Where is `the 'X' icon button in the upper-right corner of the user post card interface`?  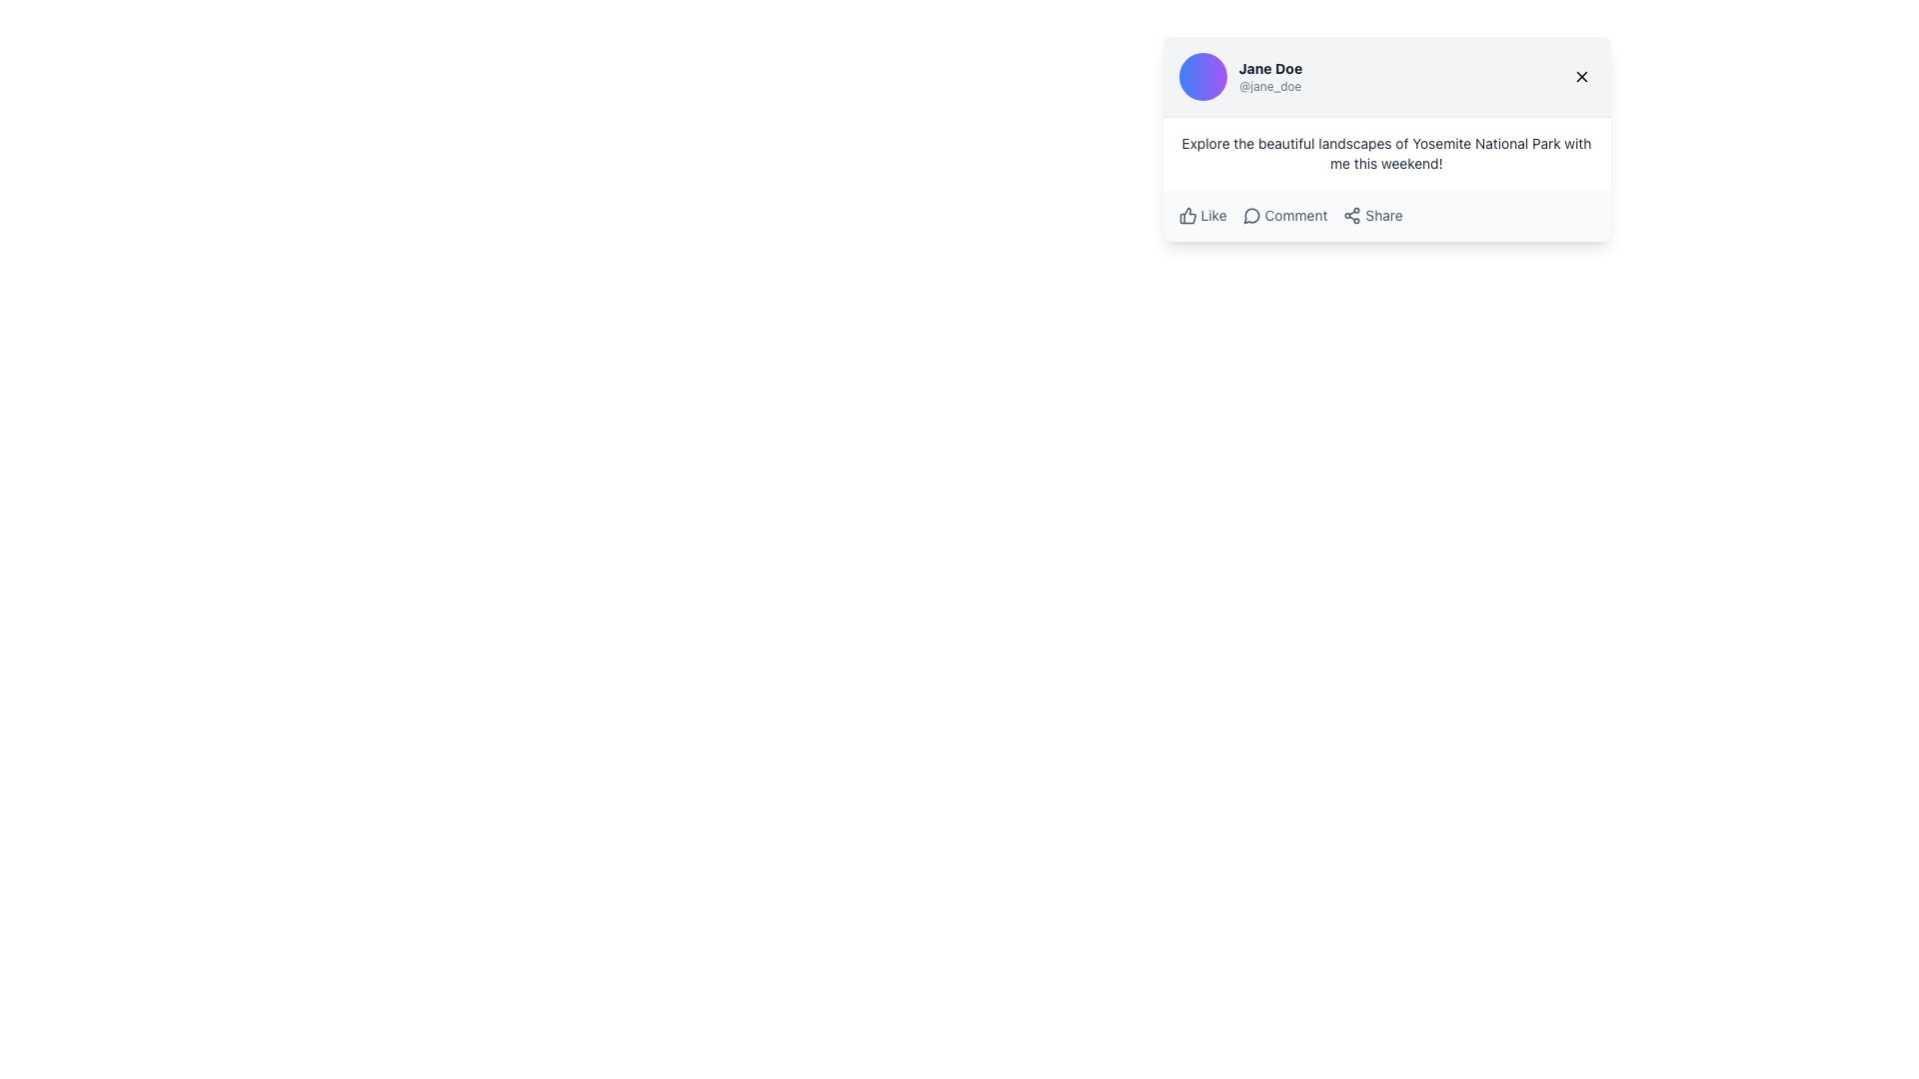 the 'X' icon button in the upper-right corner of the user post card interface is located at coordinates (1580, 76).